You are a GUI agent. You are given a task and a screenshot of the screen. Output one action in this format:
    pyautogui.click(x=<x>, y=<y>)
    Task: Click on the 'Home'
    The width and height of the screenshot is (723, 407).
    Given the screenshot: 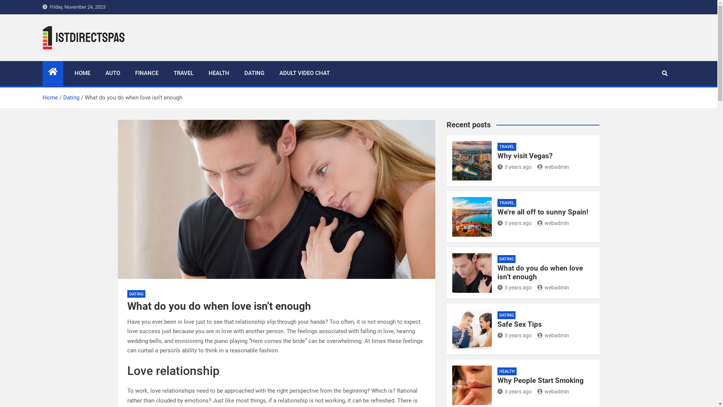 What is the action you would take?
    pyautogui.click(x=49, y=97)
    